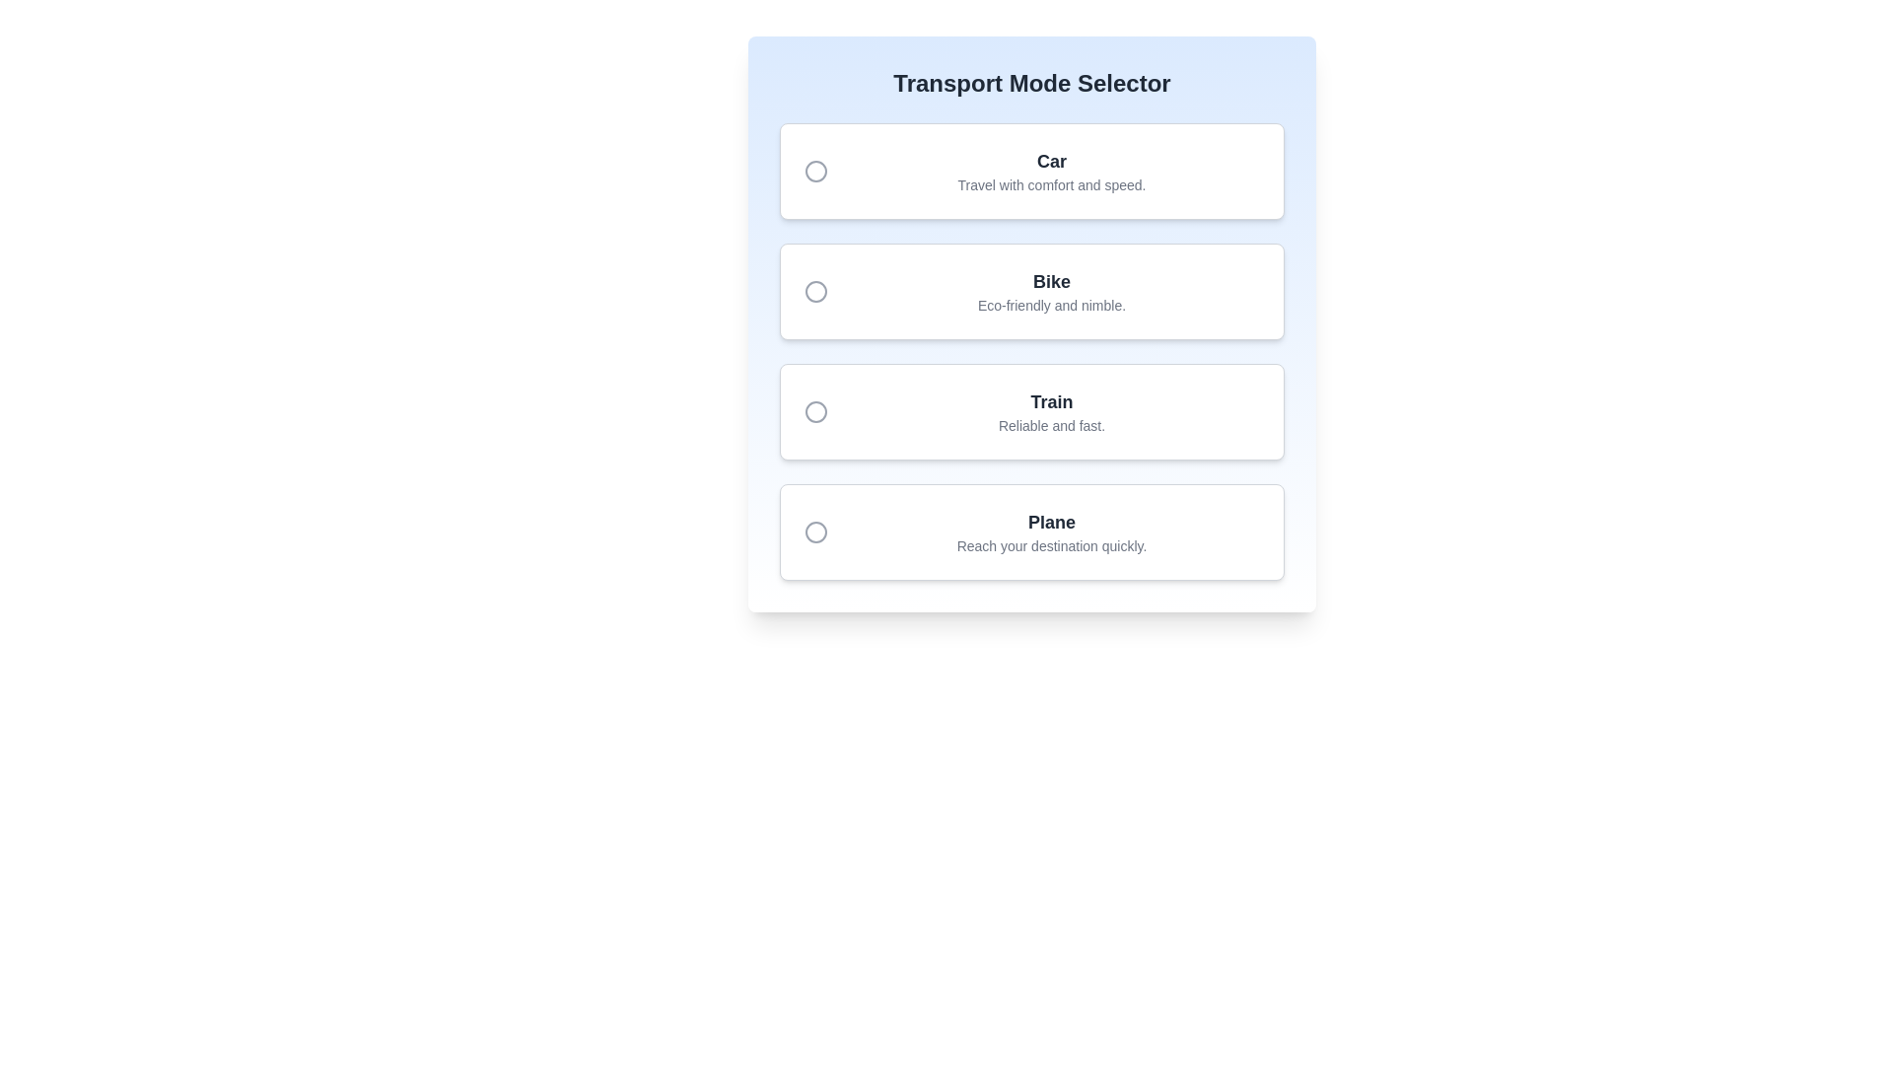  I want to click on the 'Car' transport option label, which serves as the title for this selection and is located at the top of the first selection box in the transport mode selector interface, so click(1050, 161).